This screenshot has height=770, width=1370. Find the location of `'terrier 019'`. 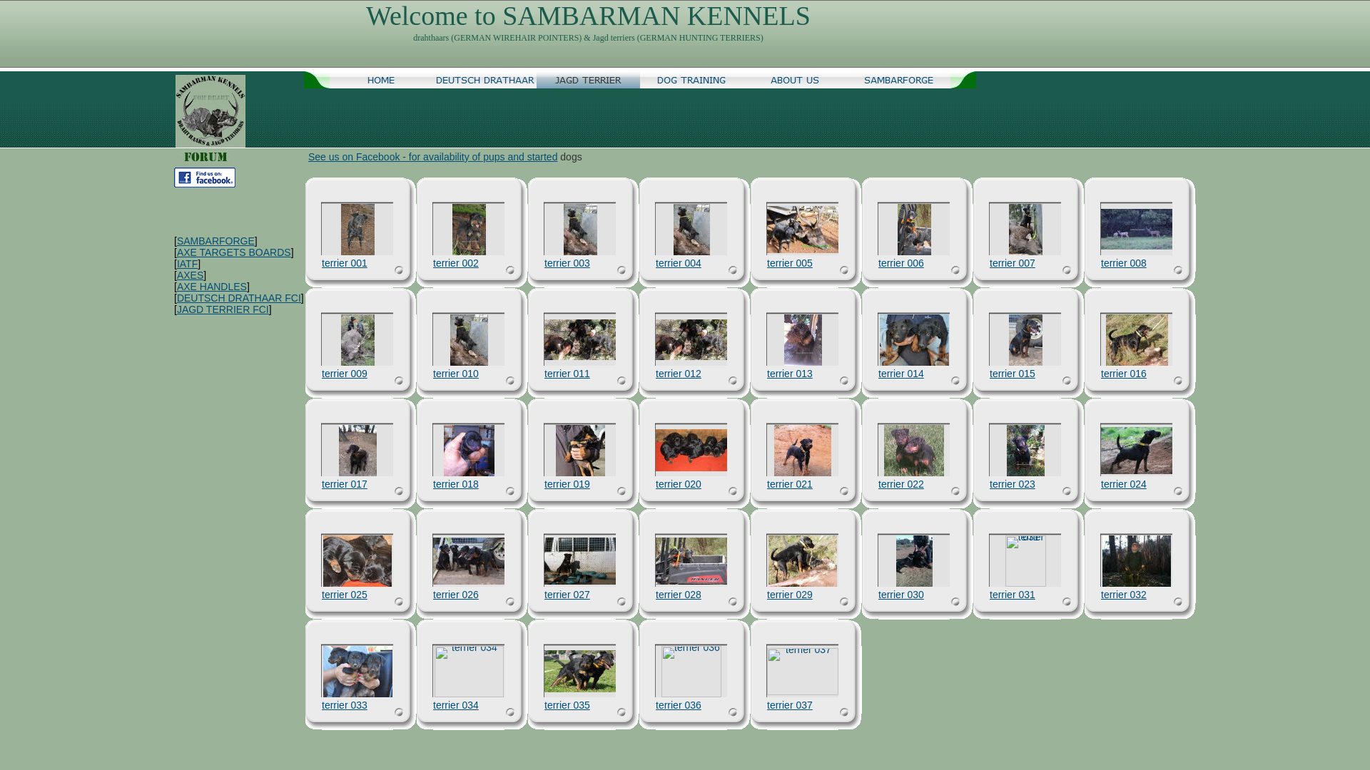

'terrier 019' is located at coordinates (567, 483).